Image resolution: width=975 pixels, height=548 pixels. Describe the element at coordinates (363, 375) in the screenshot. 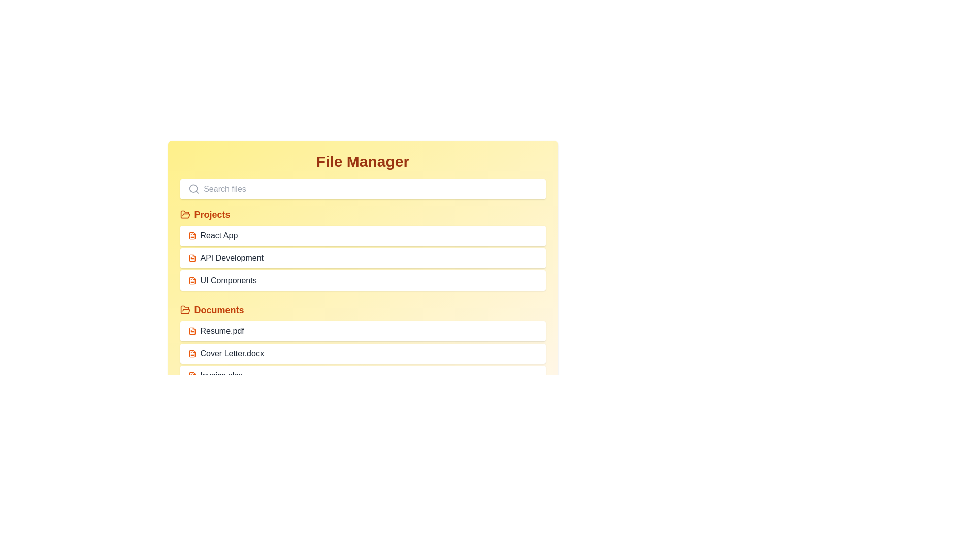

I see `the file named Invoice.xlsx to select it` at that location.